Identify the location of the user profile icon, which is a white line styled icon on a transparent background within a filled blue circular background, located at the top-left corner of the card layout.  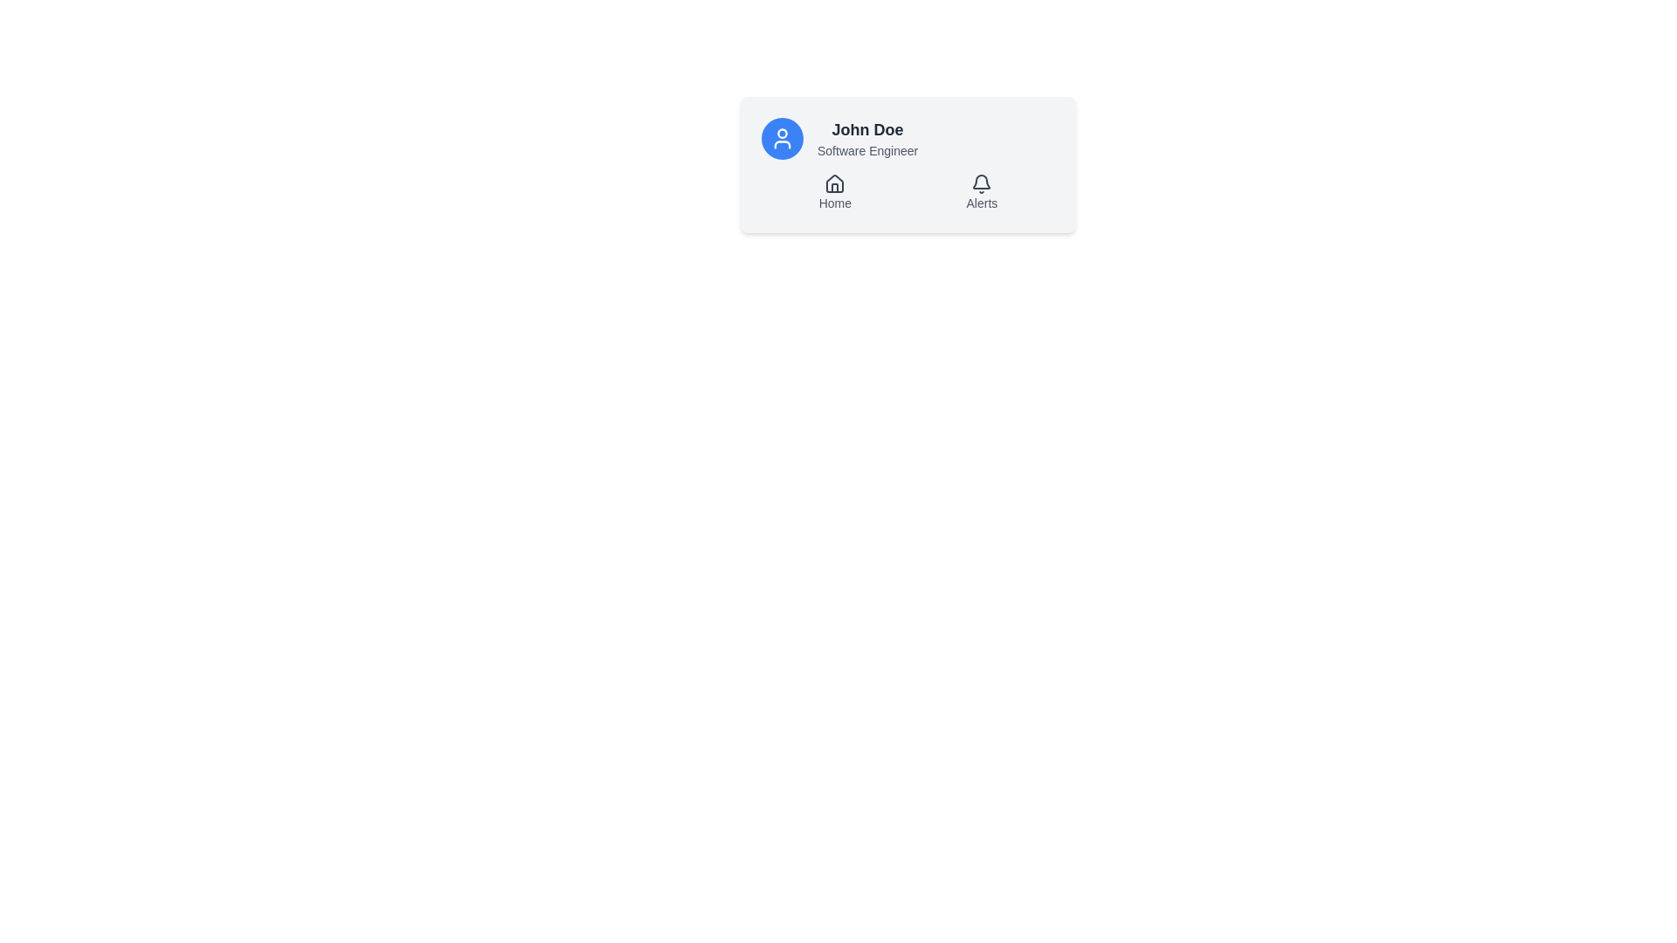
(782, 137).